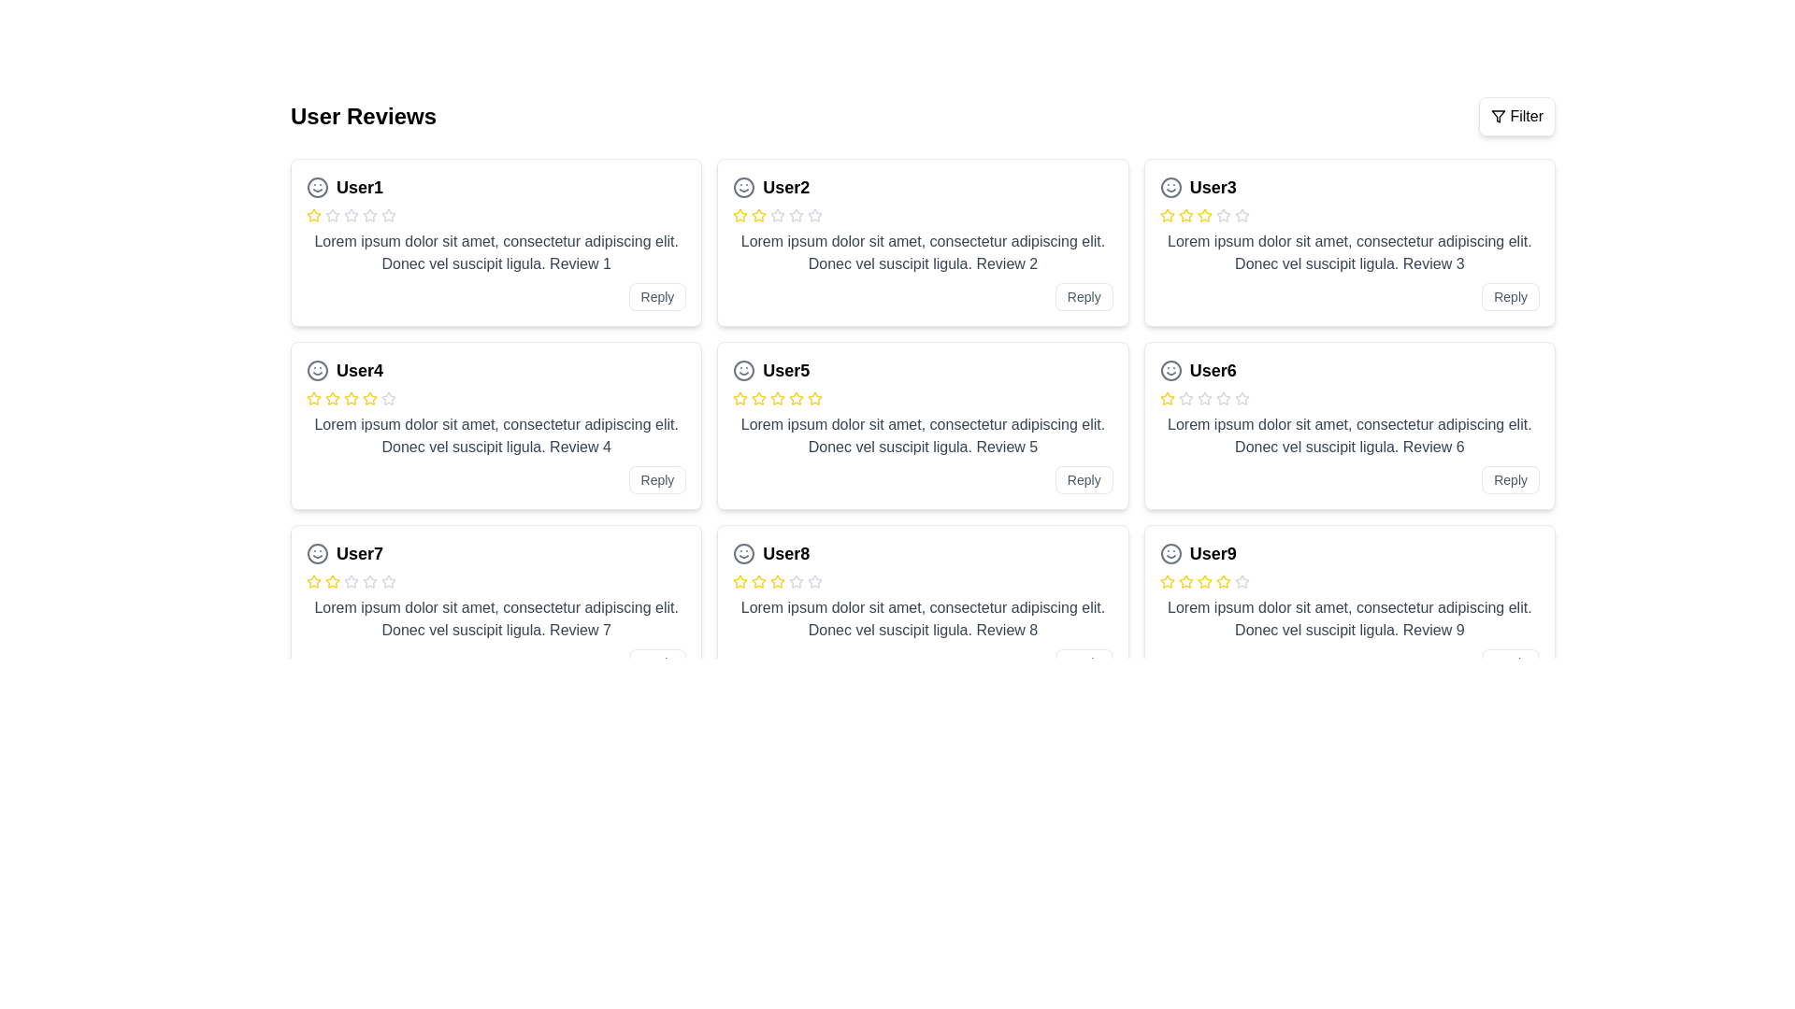  Describe the element at coordinates (1511, 661) in the screenshot. I see `the reply button located in the review card for 'User9' titled 'Review 9' by` at that location.